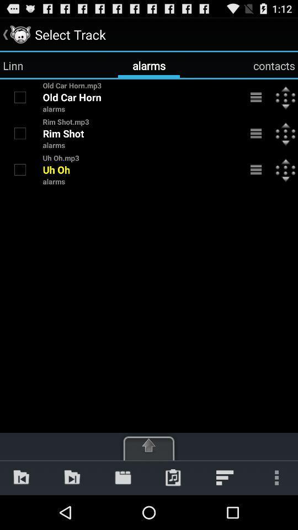 This screenshot has width=298, height=530. What do you see at coordinates (256, 97) in the screenshot?
I see `expand menu or move item for alarm` at bounding box center [256, 97].